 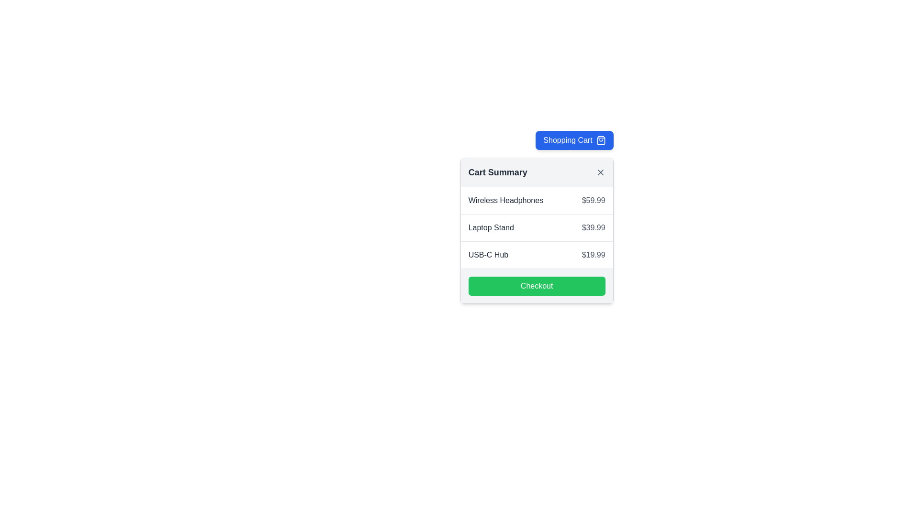 I want to click on the button located in the top-right area of the interface, so click(x=574, y=140).